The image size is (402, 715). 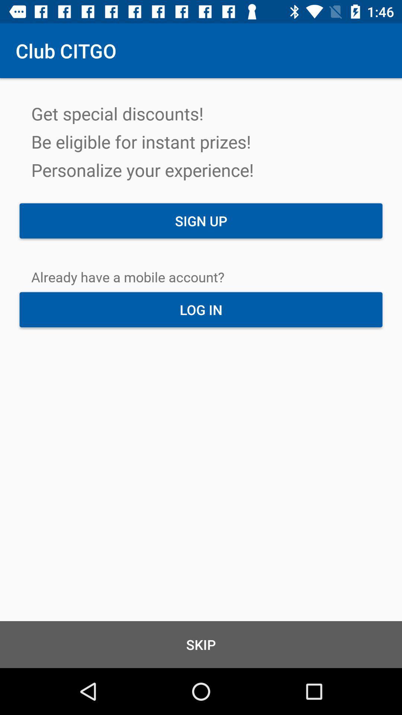 I want to click on the item above skip item, so click(x=201, y=309).